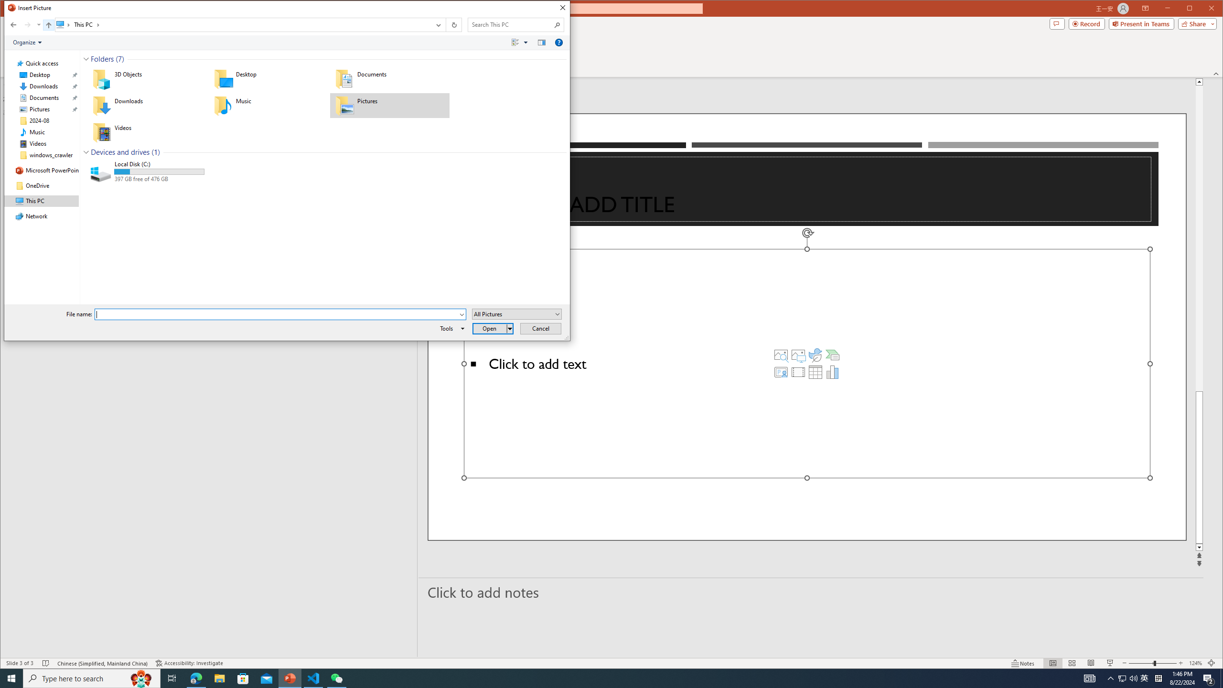  I want to click on 'Navigation buttons', so click(24, 24).